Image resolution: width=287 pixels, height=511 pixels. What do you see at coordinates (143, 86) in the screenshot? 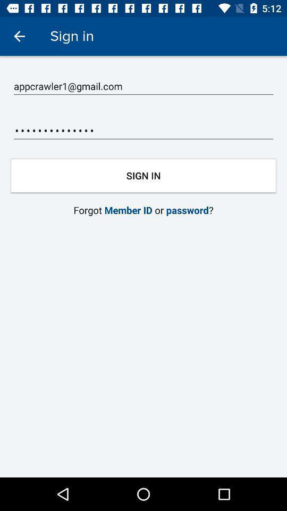
I see `appcrawler1@gmail.com icon` at bounding box center [143, 86].